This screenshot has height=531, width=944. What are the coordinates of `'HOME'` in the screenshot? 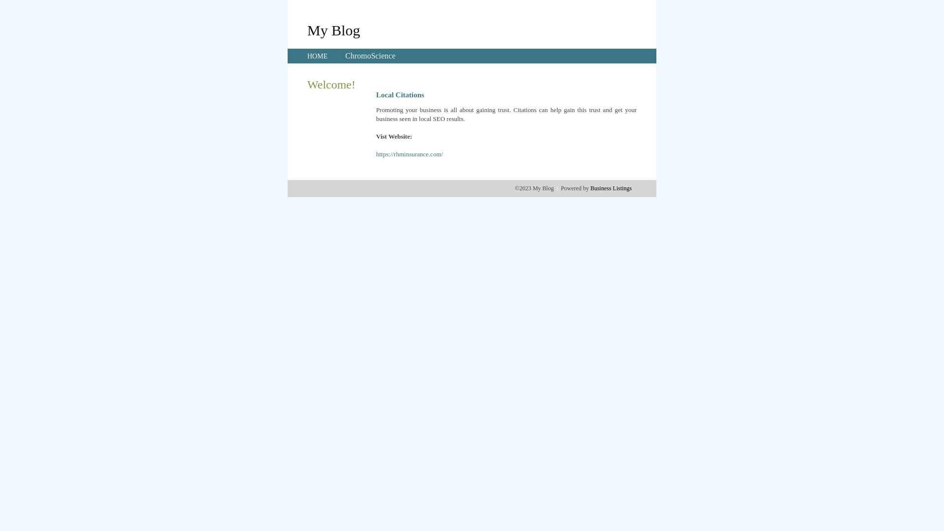 It's located at (317, 56).